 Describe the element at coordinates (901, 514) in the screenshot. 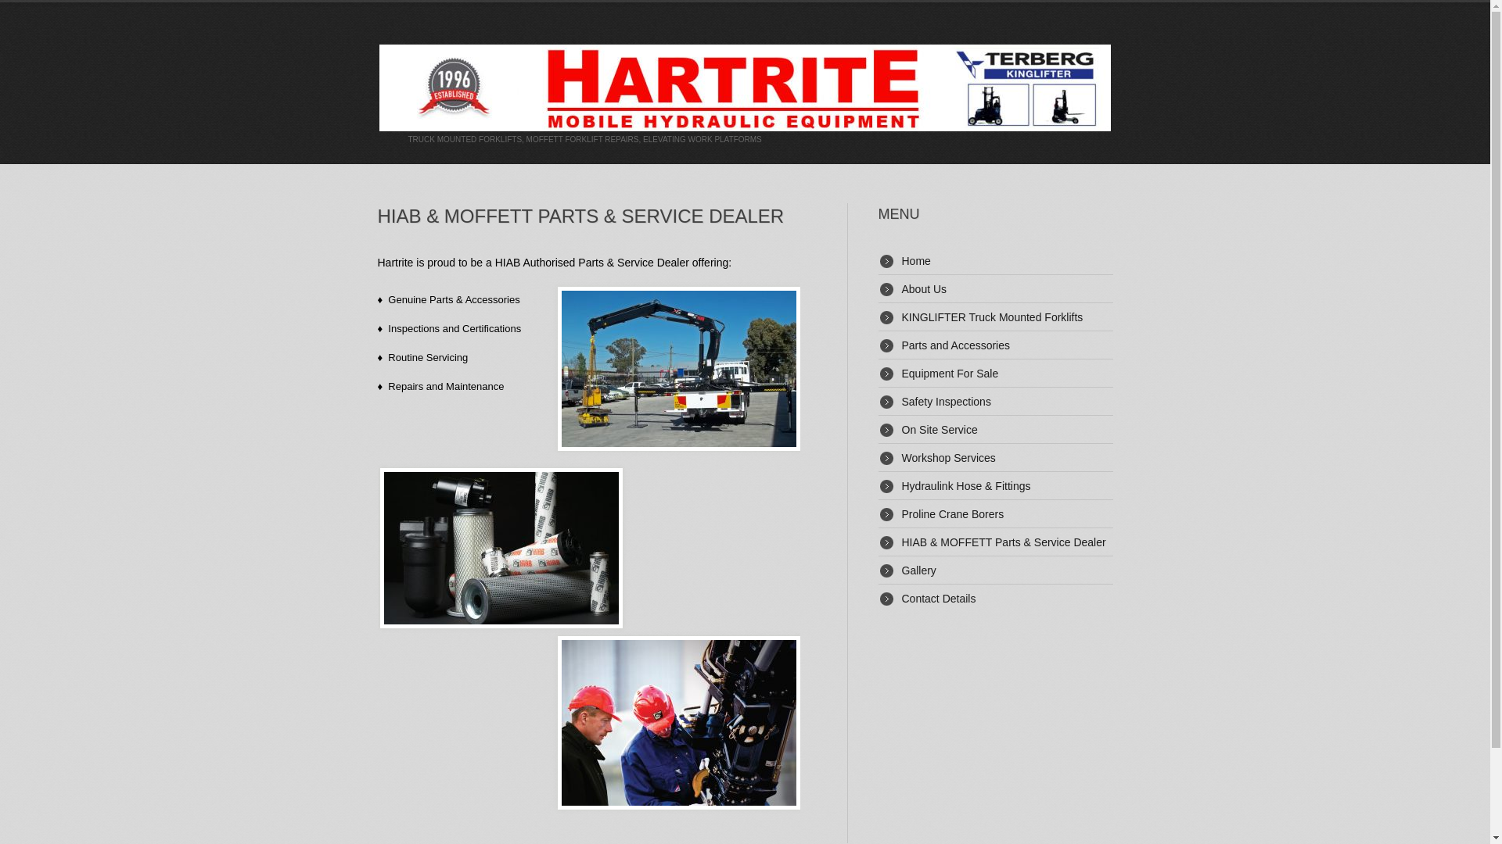

I see `'Proline Crane Borers'` at that location.